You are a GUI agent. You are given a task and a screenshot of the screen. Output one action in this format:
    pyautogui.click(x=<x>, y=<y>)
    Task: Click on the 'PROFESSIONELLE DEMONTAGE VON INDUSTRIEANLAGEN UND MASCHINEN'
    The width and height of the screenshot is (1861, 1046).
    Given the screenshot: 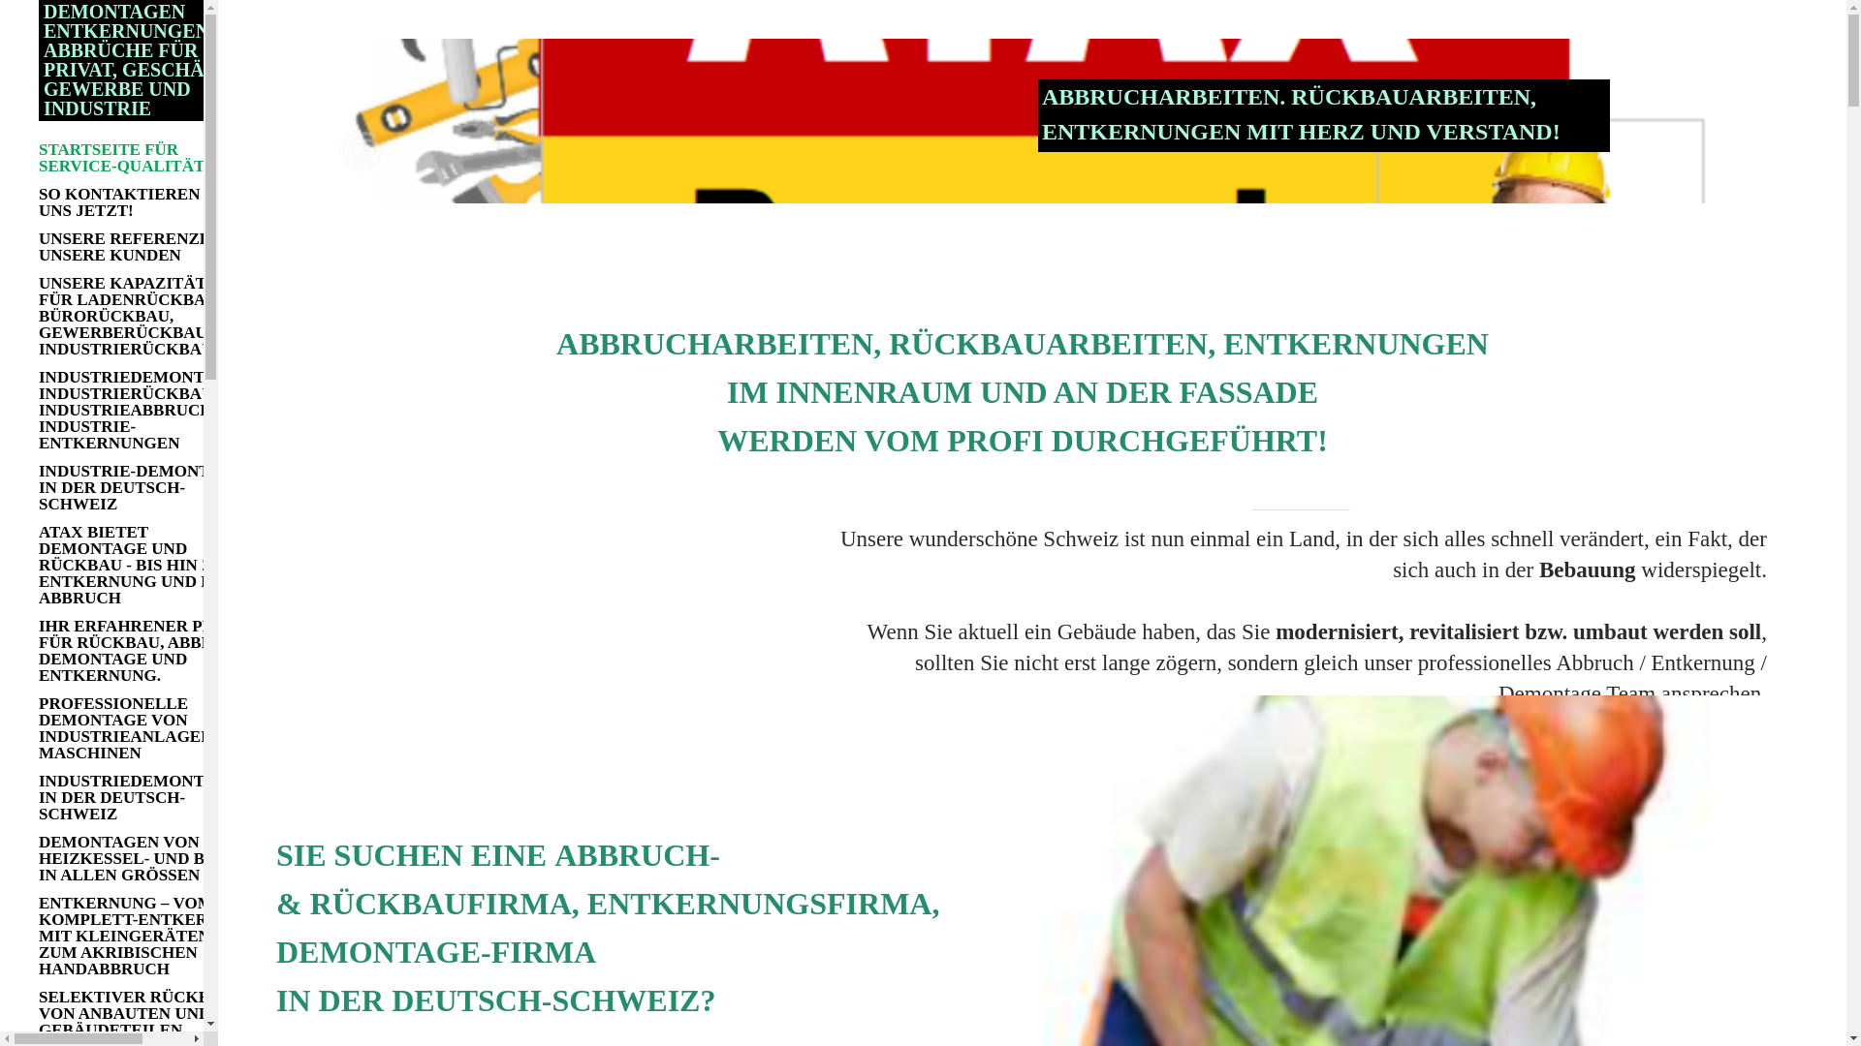 What is the action you would take?
    pyautogui.click(x=147, y=728)
    